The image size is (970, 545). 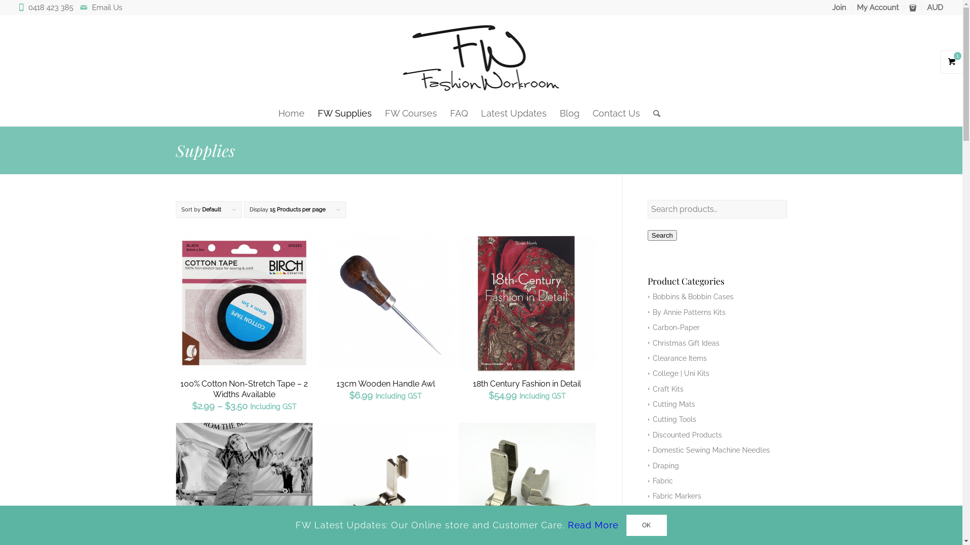 I want to click on 'Craft Kits', so click(x=666, y=389).